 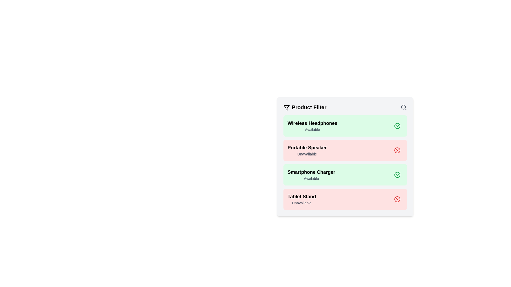 What do you see at coordinates (397, 150) in the screenshot?
I see `the icon button indicating the unavailability of the 'Portable Speaker' item` at bounding box center [397, 150].